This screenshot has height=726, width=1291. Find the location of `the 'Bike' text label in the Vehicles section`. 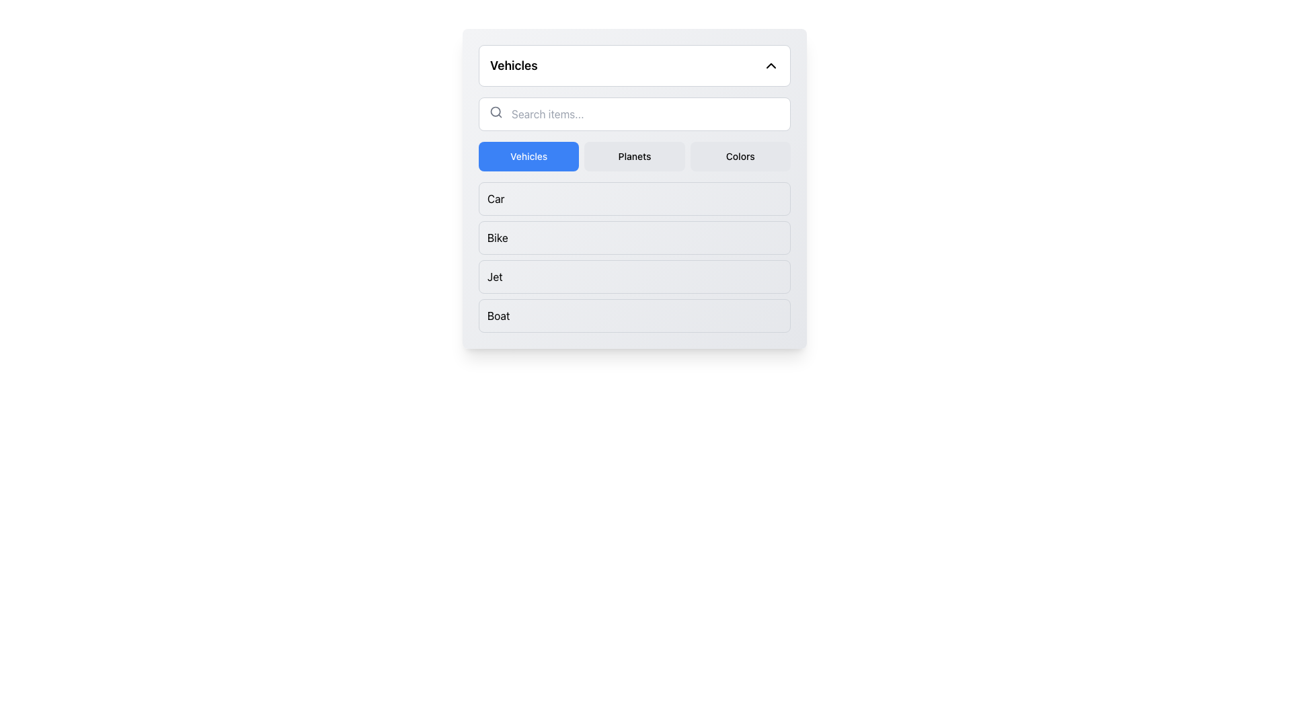

the 'Bike' text label in the Vehicles section is located at coordinates (497, 237).